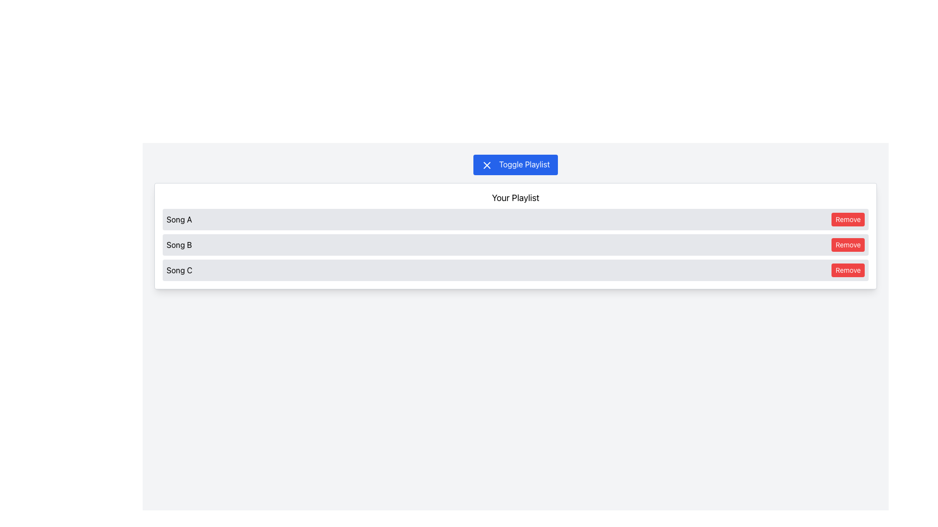  I want to click on the remove button located beside 'Song B' in the second row of the playlist, so click(848, 244).